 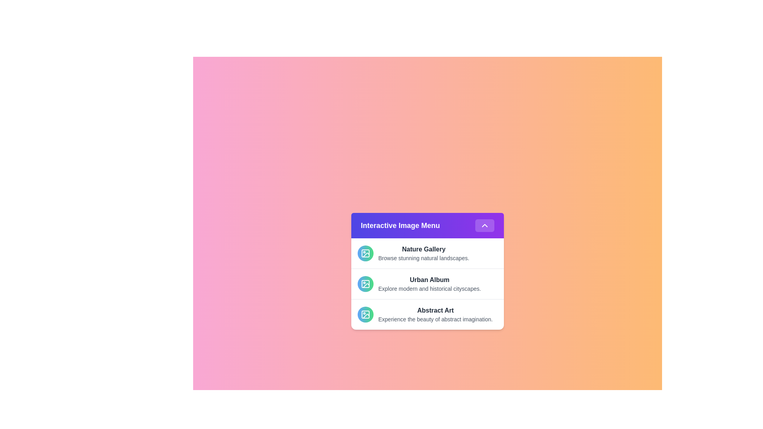 I want to click on the icon of the Abstract Art menu item, so click(x=365, y=314).